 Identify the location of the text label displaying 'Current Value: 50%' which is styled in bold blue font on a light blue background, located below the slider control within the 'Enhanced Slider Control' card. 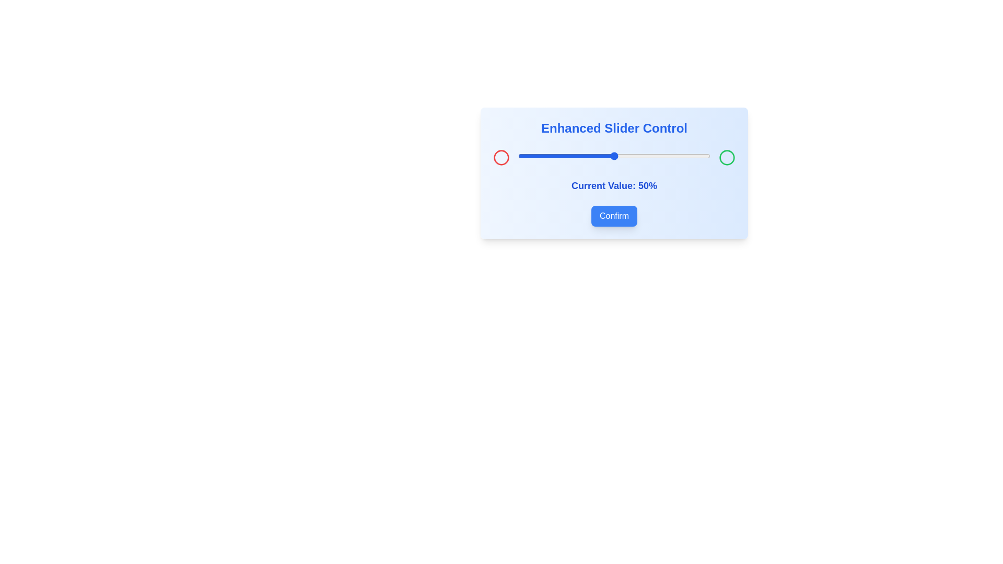
(614, 185).